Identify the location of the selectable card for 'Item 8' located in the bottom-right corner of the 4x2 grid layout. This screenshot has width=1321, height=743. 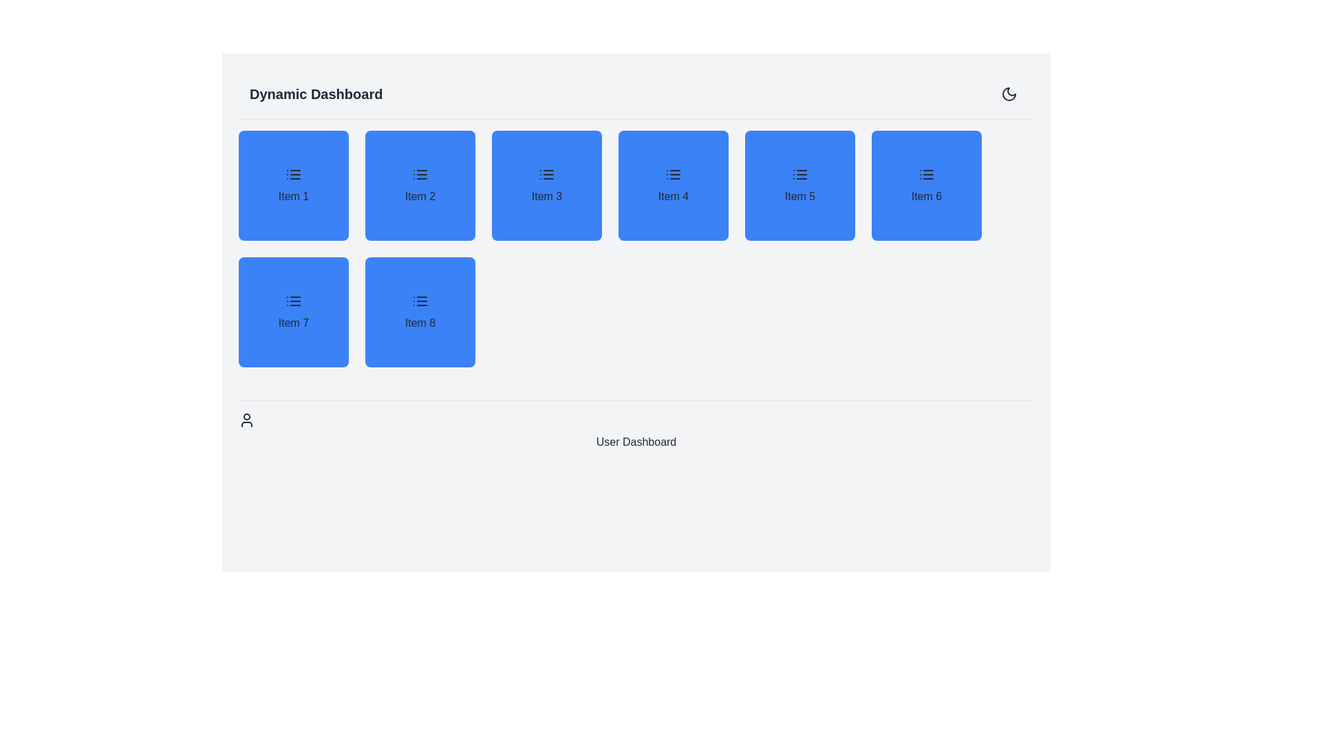
(419, 312).